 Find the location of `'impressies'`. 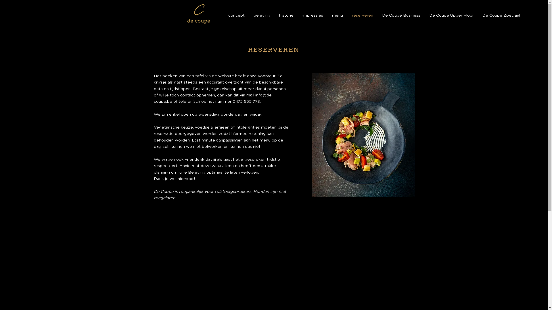

'impressies' is located at coordinates (312, 15).